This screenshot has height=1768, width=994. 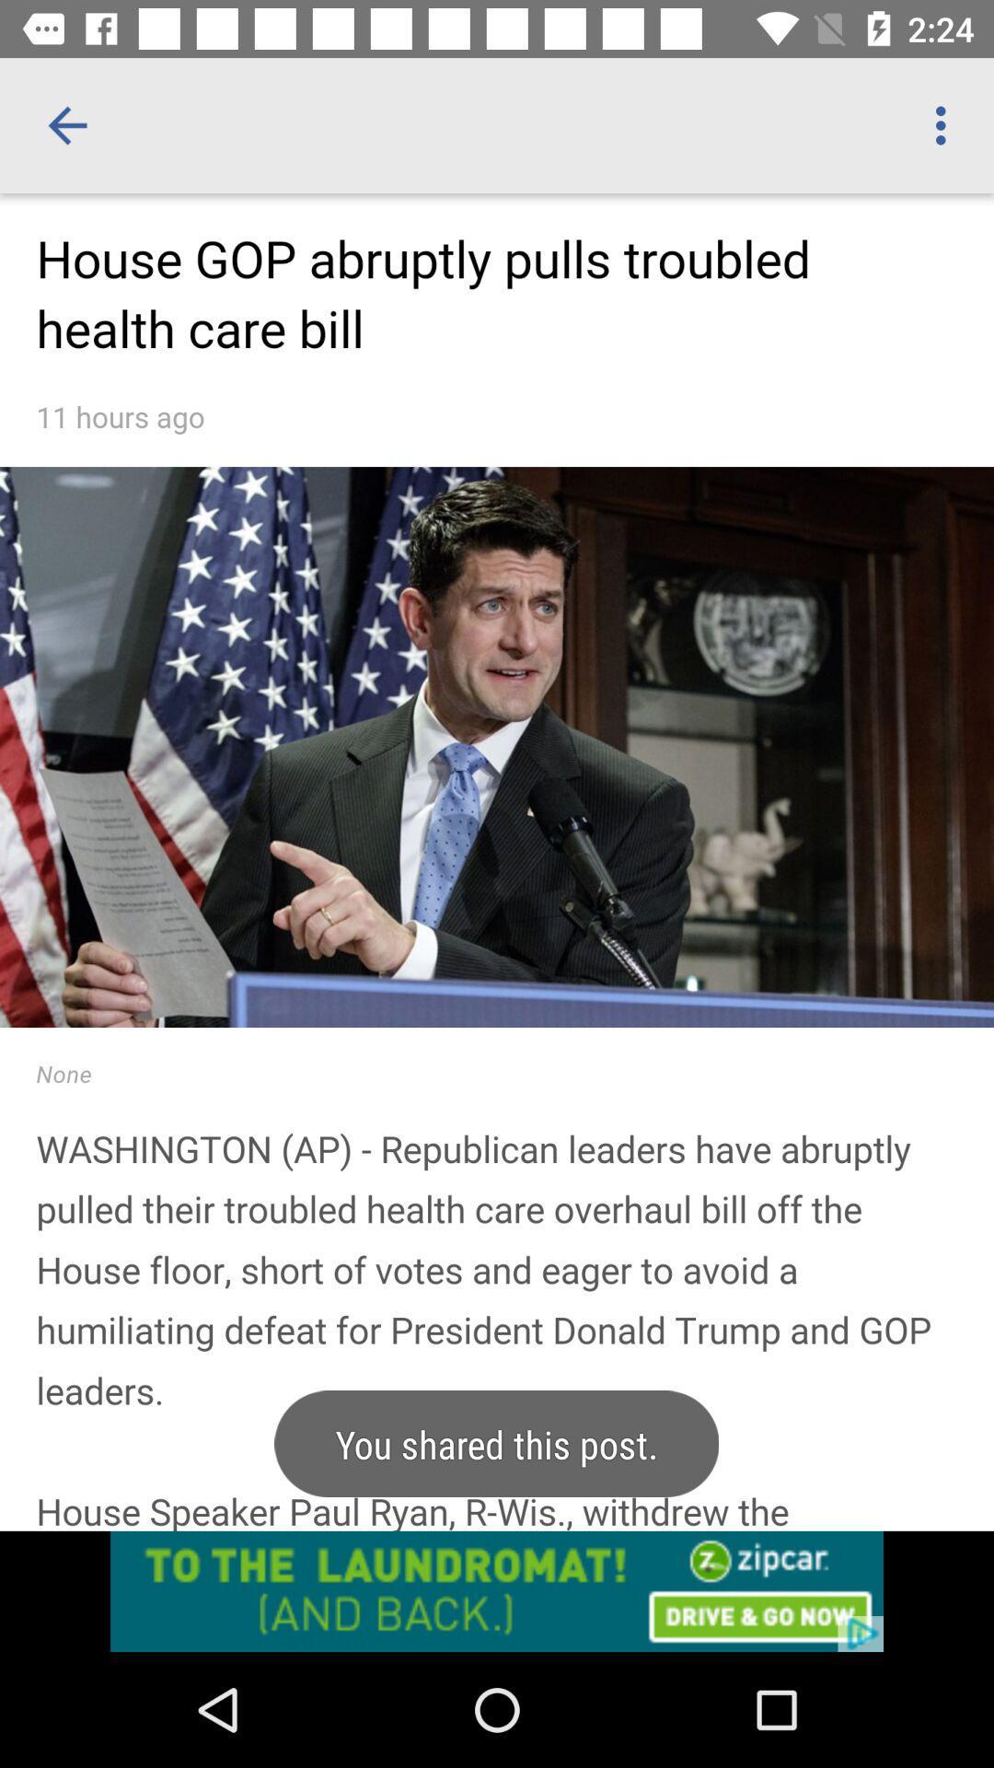 I want to click on advertisement for zipcar, so click(x=497, y=1590).